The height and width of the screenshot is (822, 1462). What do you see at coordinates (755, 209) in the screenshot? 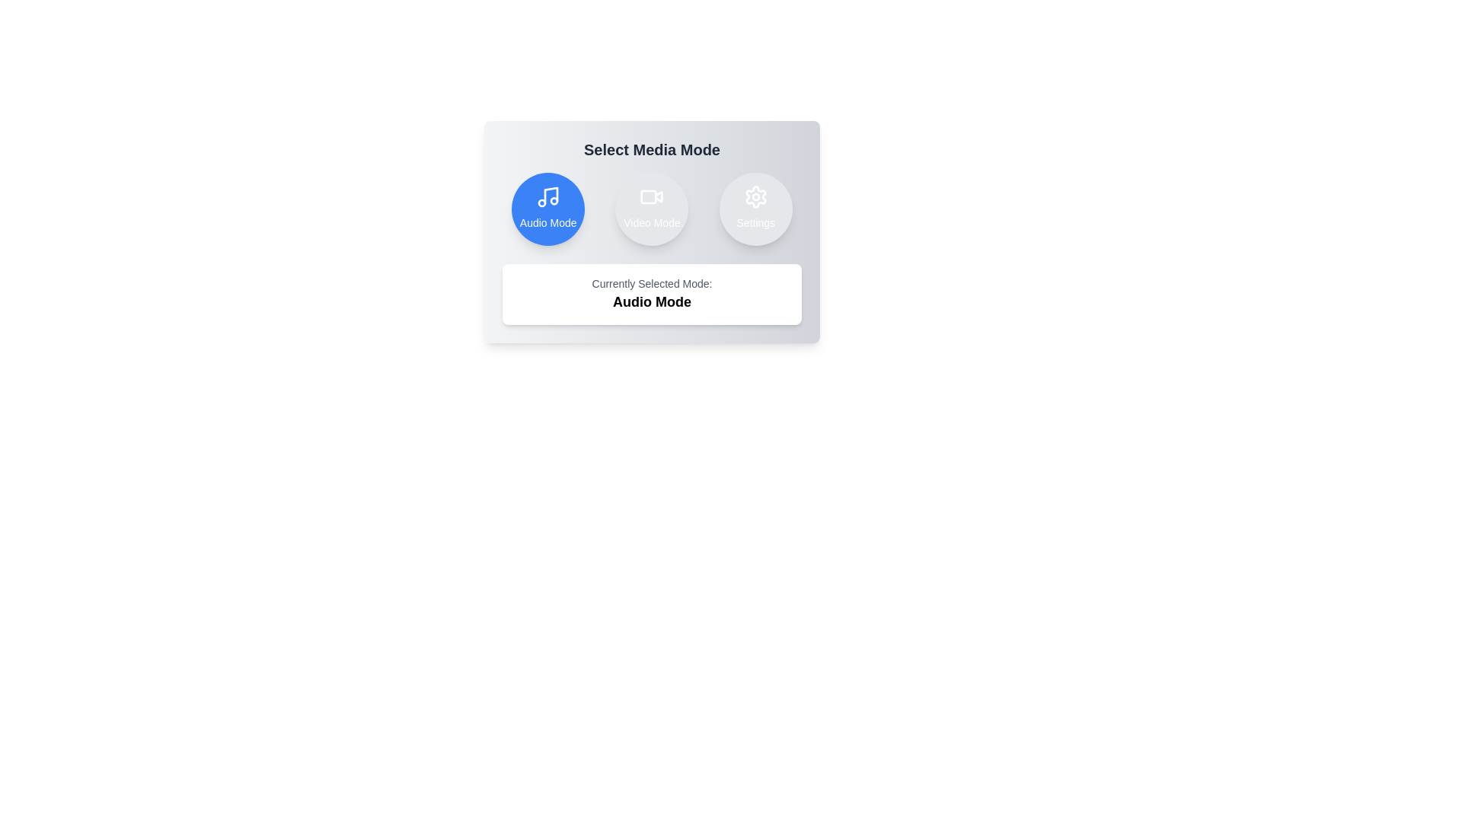
I see `the Settings mode by clicking the respective button` at bounding box center [755, 209].